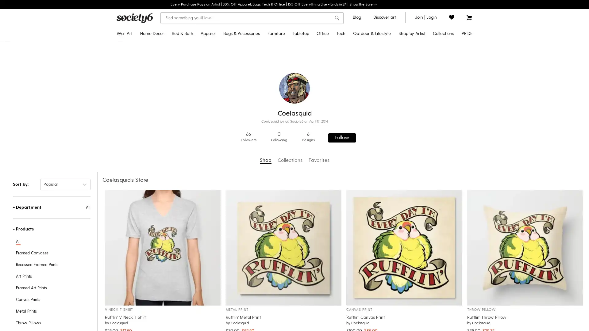 This screenshot has height=331, width=589. Describe the element at coordinates (363, 98) in the screenshot. I see `Android Card Cases` at that location.